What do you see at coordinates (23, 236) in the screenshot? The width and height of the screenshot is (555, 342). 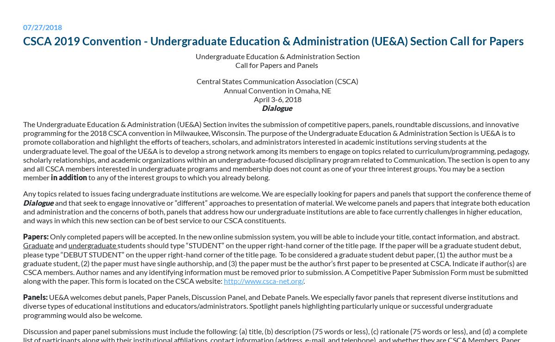 I see `'Papers:'` at bounding box center [23, 236].